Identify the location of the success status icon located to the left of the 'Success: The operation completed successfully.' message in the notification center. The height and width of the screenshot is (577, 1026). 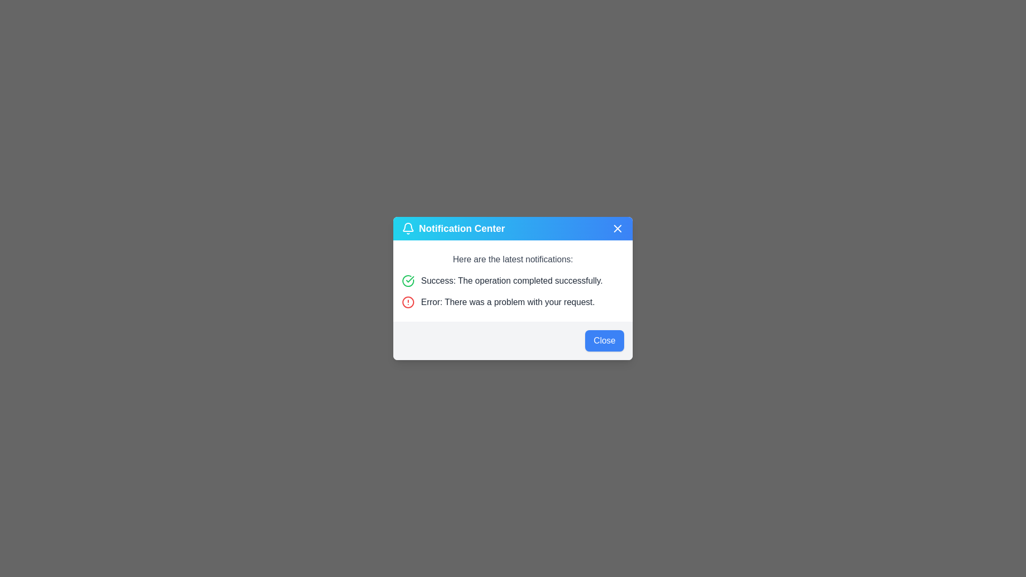
(407, 280).